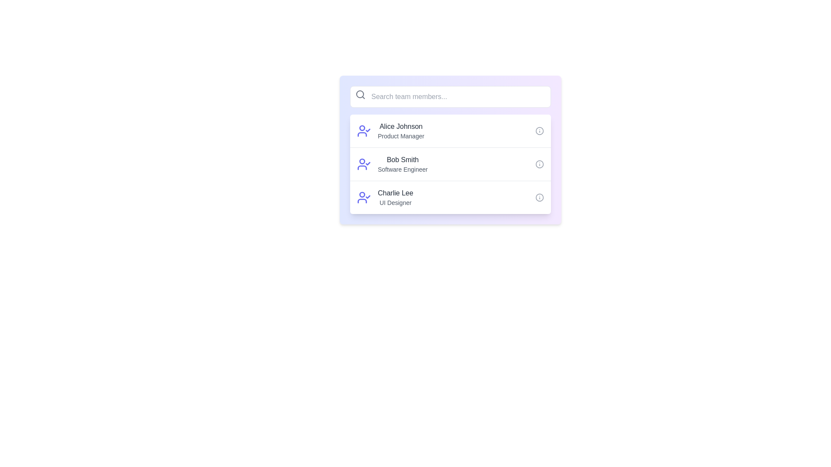 This screenshot has height=467, width=831. What do you see at coordinates (539, 131) in the screenshot?
I see `the gray circular icon button with an exclamation mark, located to the right of 'Alice Johnson' in the team members list, to initiate an action` at bounding box center [539, 131].